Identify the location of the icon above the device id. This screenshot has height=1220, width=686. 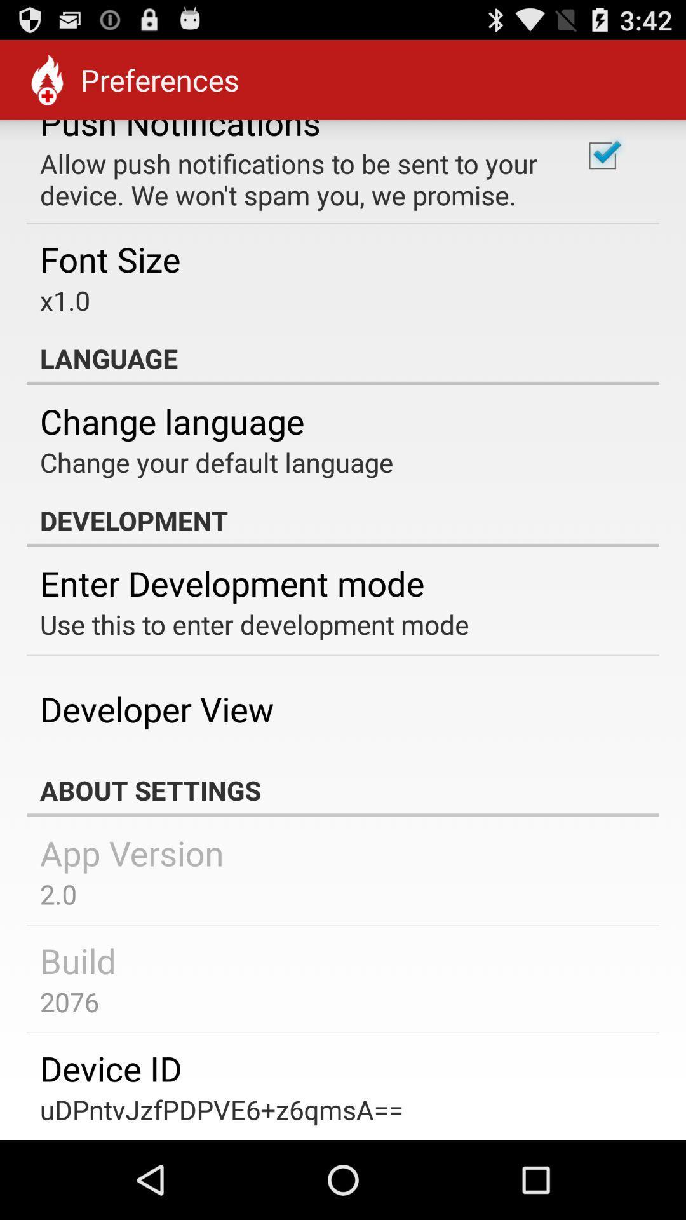
(69, 1001).